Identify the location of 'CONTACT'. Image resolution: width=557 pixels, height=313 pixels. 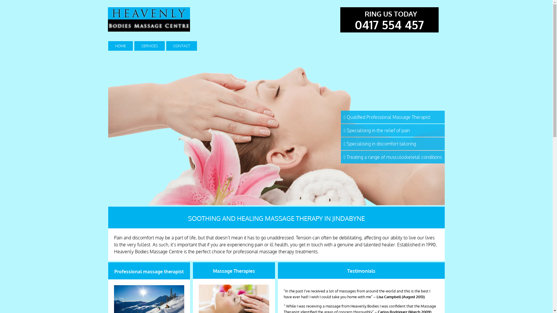
(181, 46).